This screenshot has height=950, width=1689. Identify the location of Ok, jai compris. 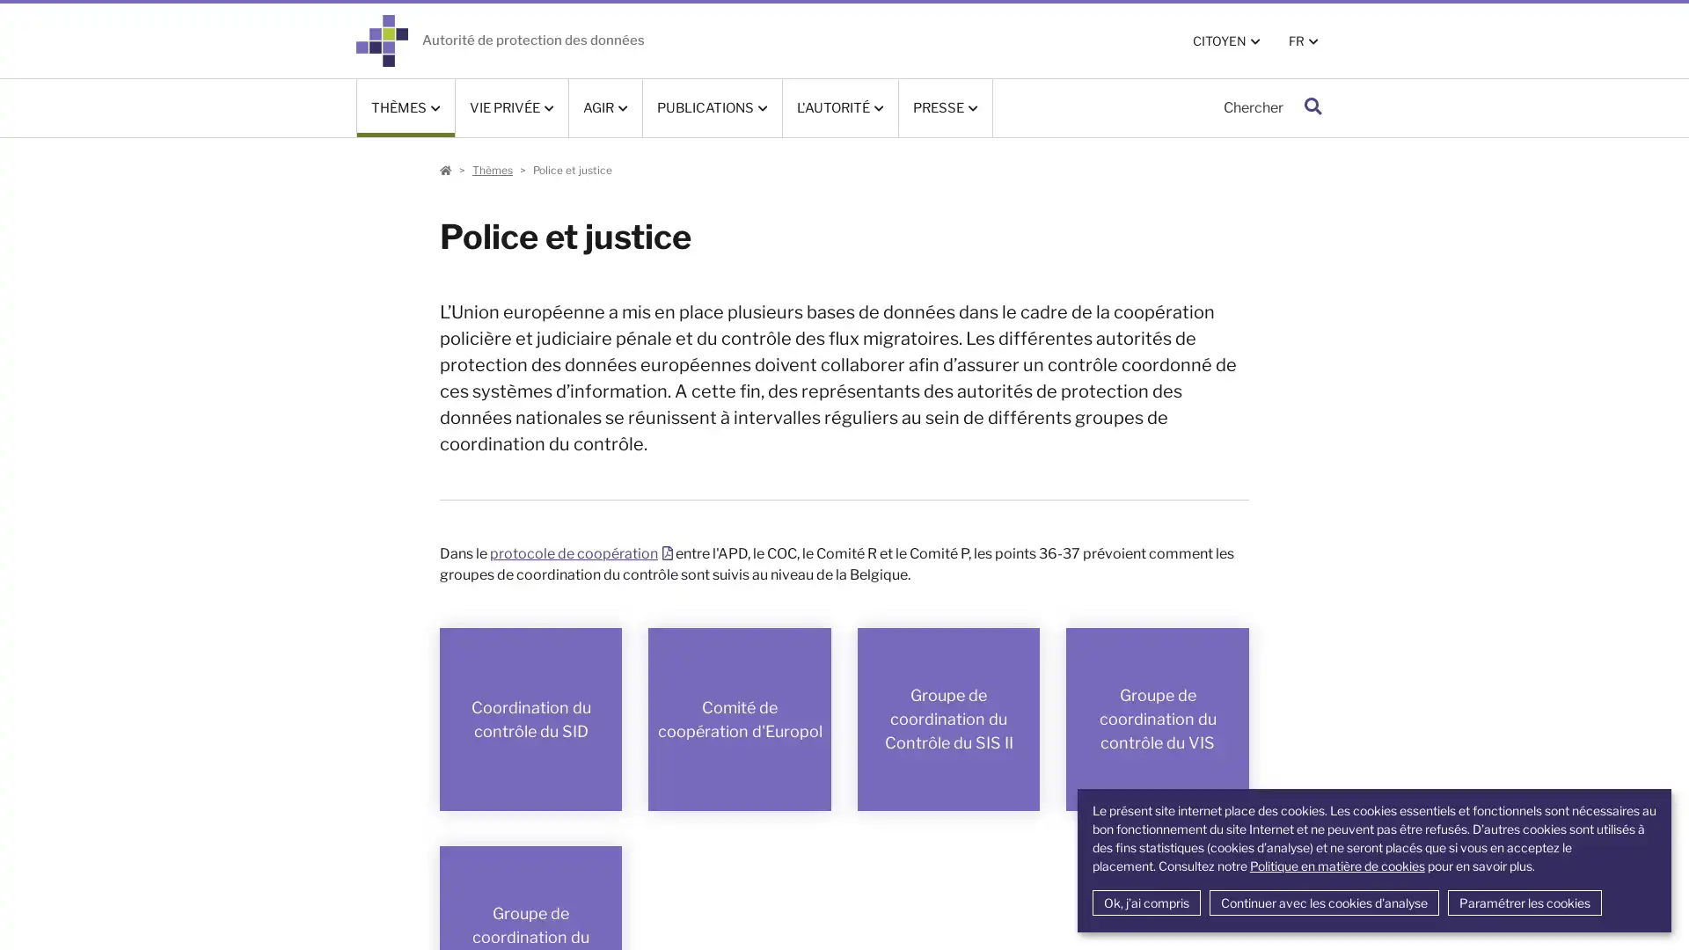
(1145, 902).